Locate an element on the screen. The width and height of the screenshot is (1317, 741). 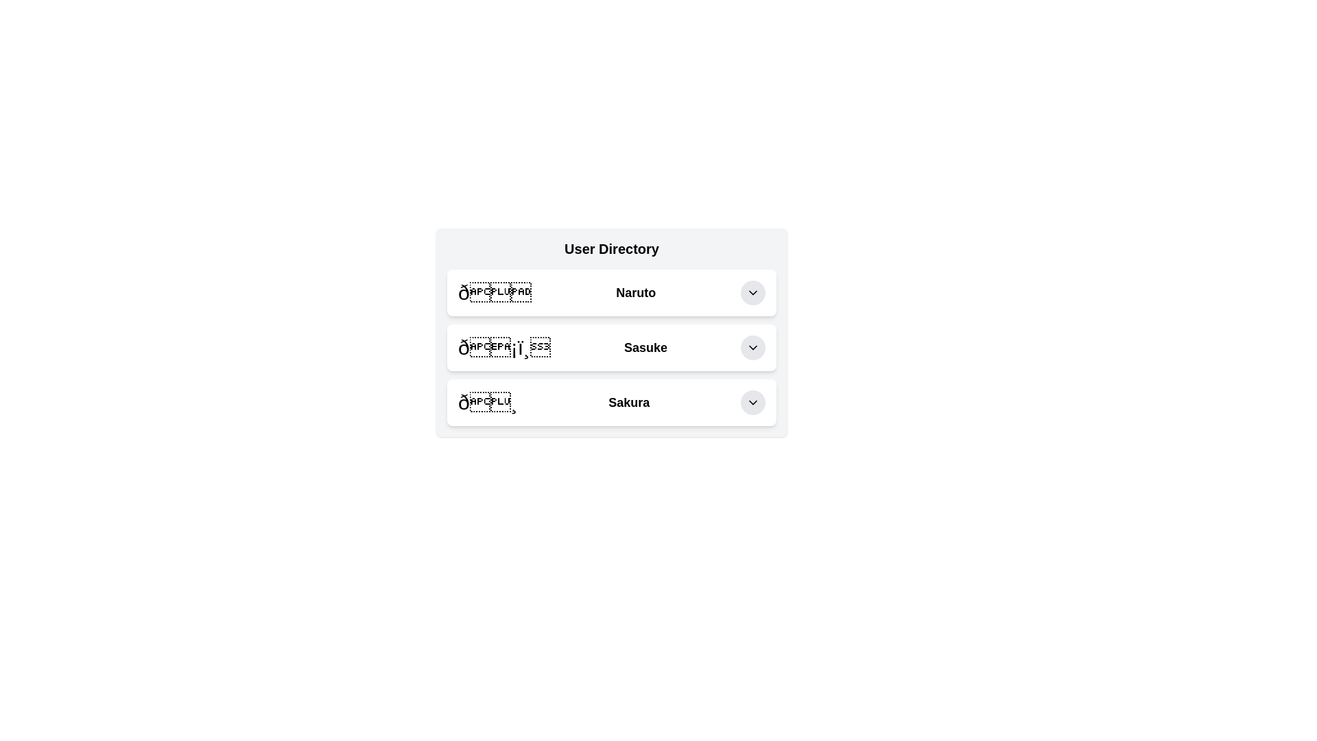
the circular gray button with a downward-pointing chevron icon next to the 'Naruto' text is located at coordinates (752, 292).